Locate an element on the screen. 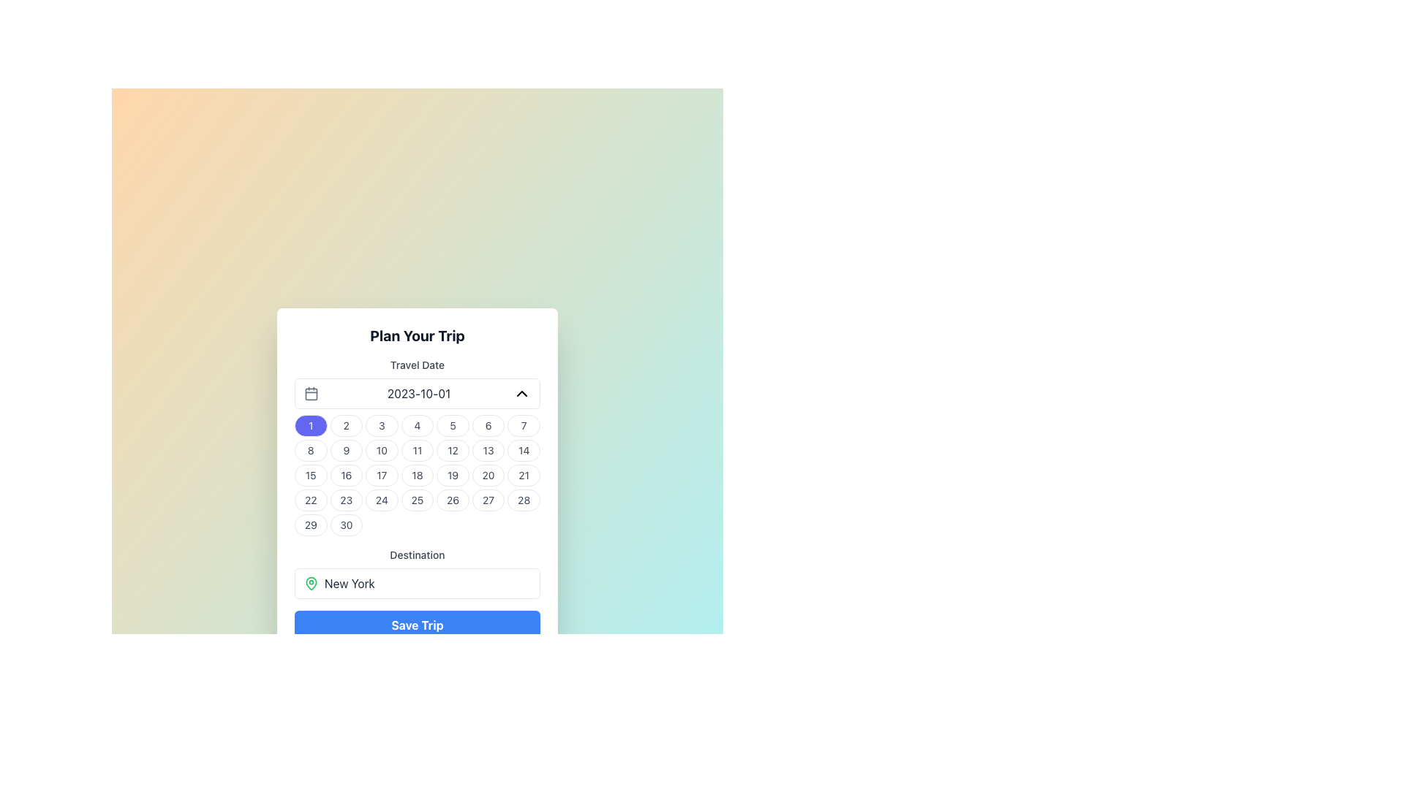 The width and height of the screenshot is (1404, 789). the rounded button displaying the number '17' is located at coordinates (382, 476).